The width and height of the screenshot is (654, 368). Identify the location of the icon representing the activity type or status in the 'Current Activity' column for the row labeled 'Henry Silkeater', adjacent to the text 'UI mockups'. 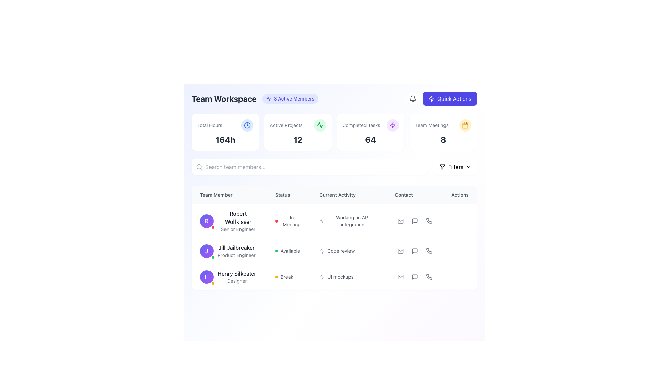
(322, 277).